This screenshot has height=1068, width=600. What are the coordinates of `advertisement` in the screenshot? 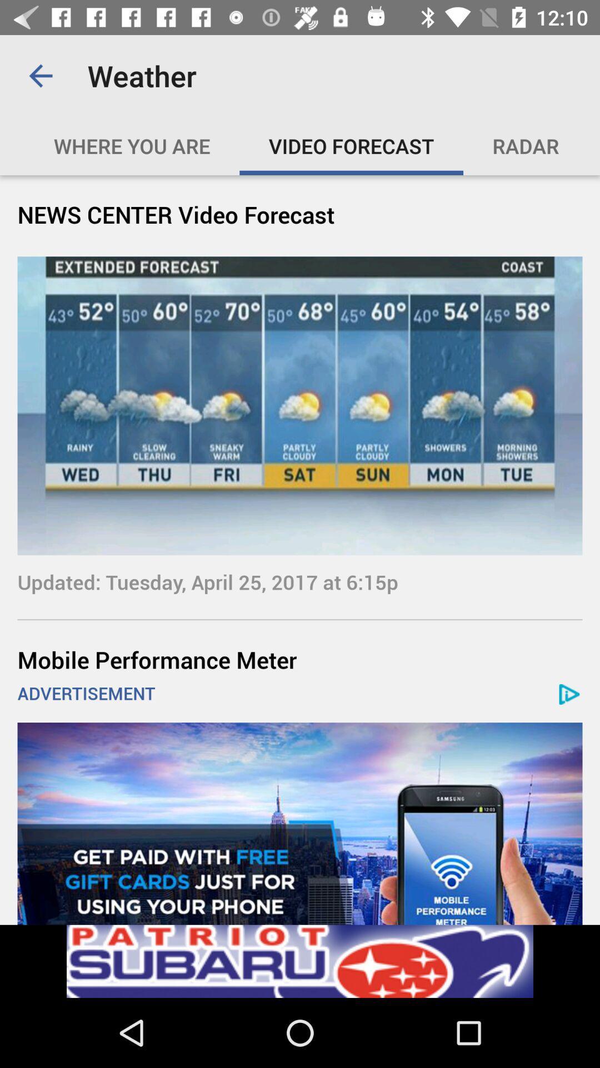 It's located at (300, 961).